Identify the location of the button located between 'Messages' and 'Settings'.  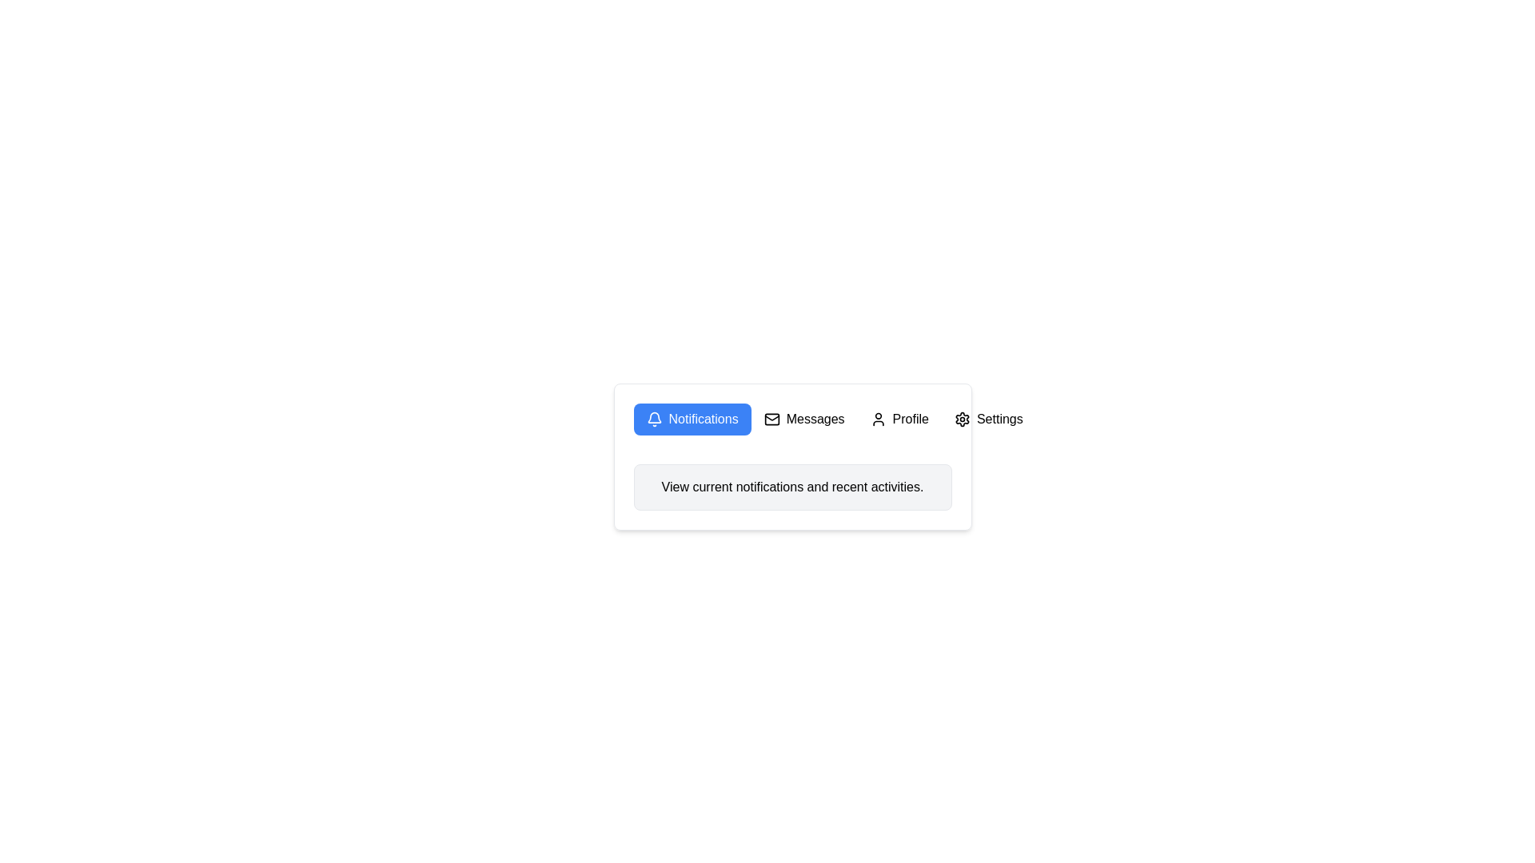
(899, 418).